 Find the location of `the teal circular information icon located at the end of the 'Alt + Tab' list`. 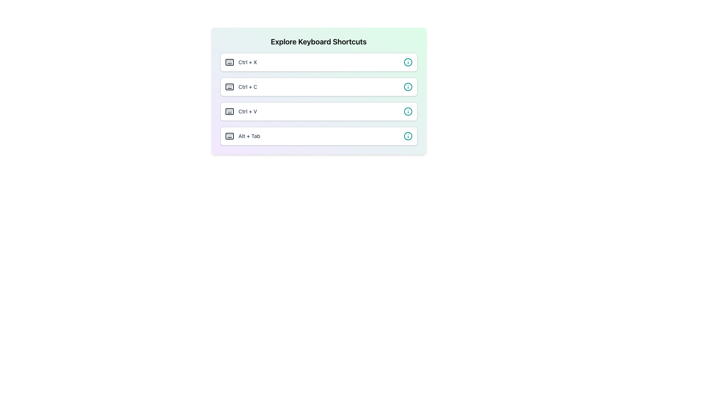

the teal circular information icon located at the end of the 'Alt + Tab' list is located at coordinates (407, 136).